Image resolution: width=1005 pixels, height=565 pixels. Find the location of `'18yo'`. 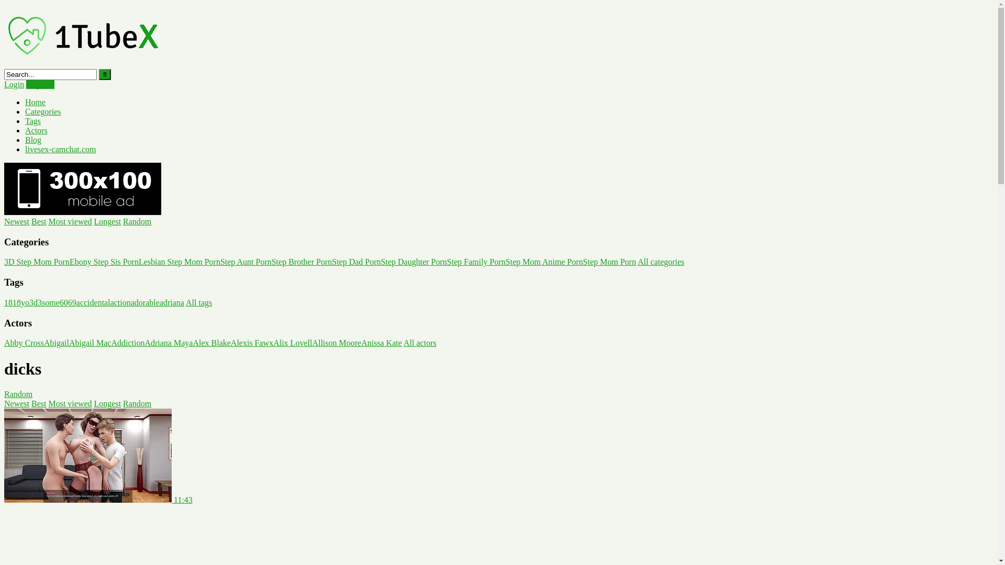

'18yo' is located at coordinates (20, 302).